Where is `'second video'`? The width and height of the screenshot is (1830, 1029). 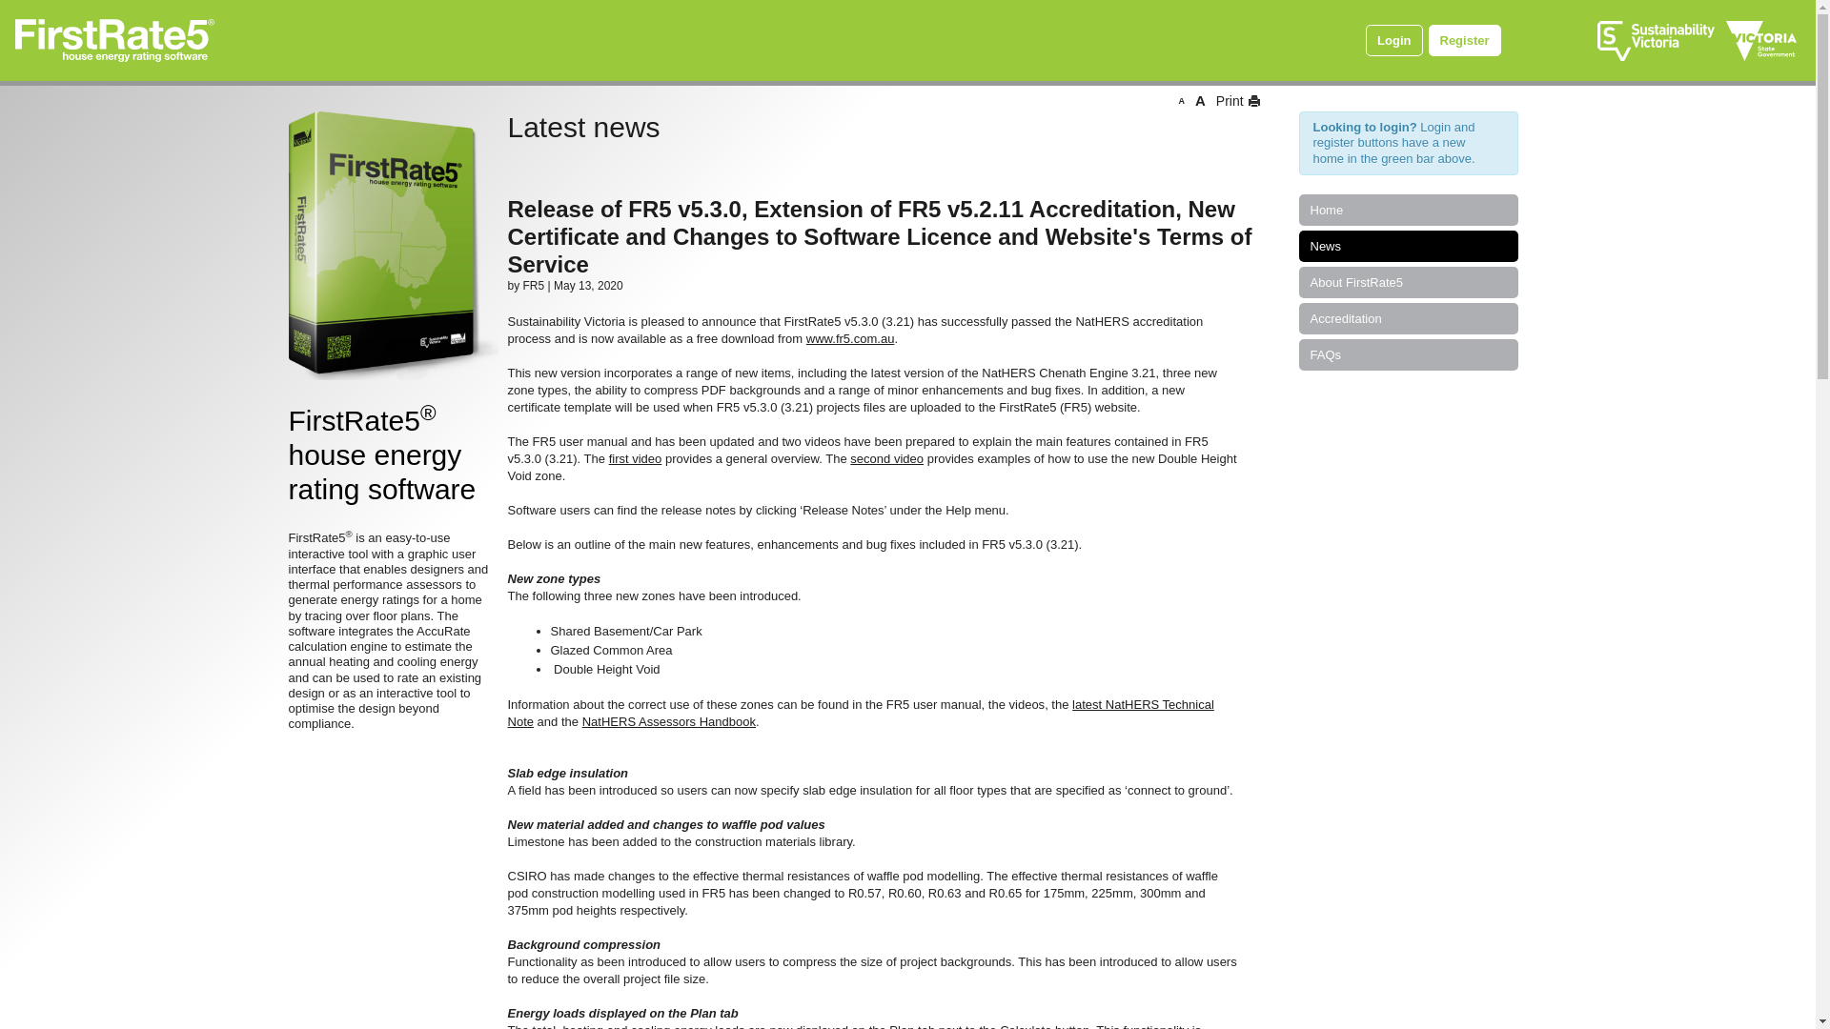
'second video' is located at coordinates (885, 458).